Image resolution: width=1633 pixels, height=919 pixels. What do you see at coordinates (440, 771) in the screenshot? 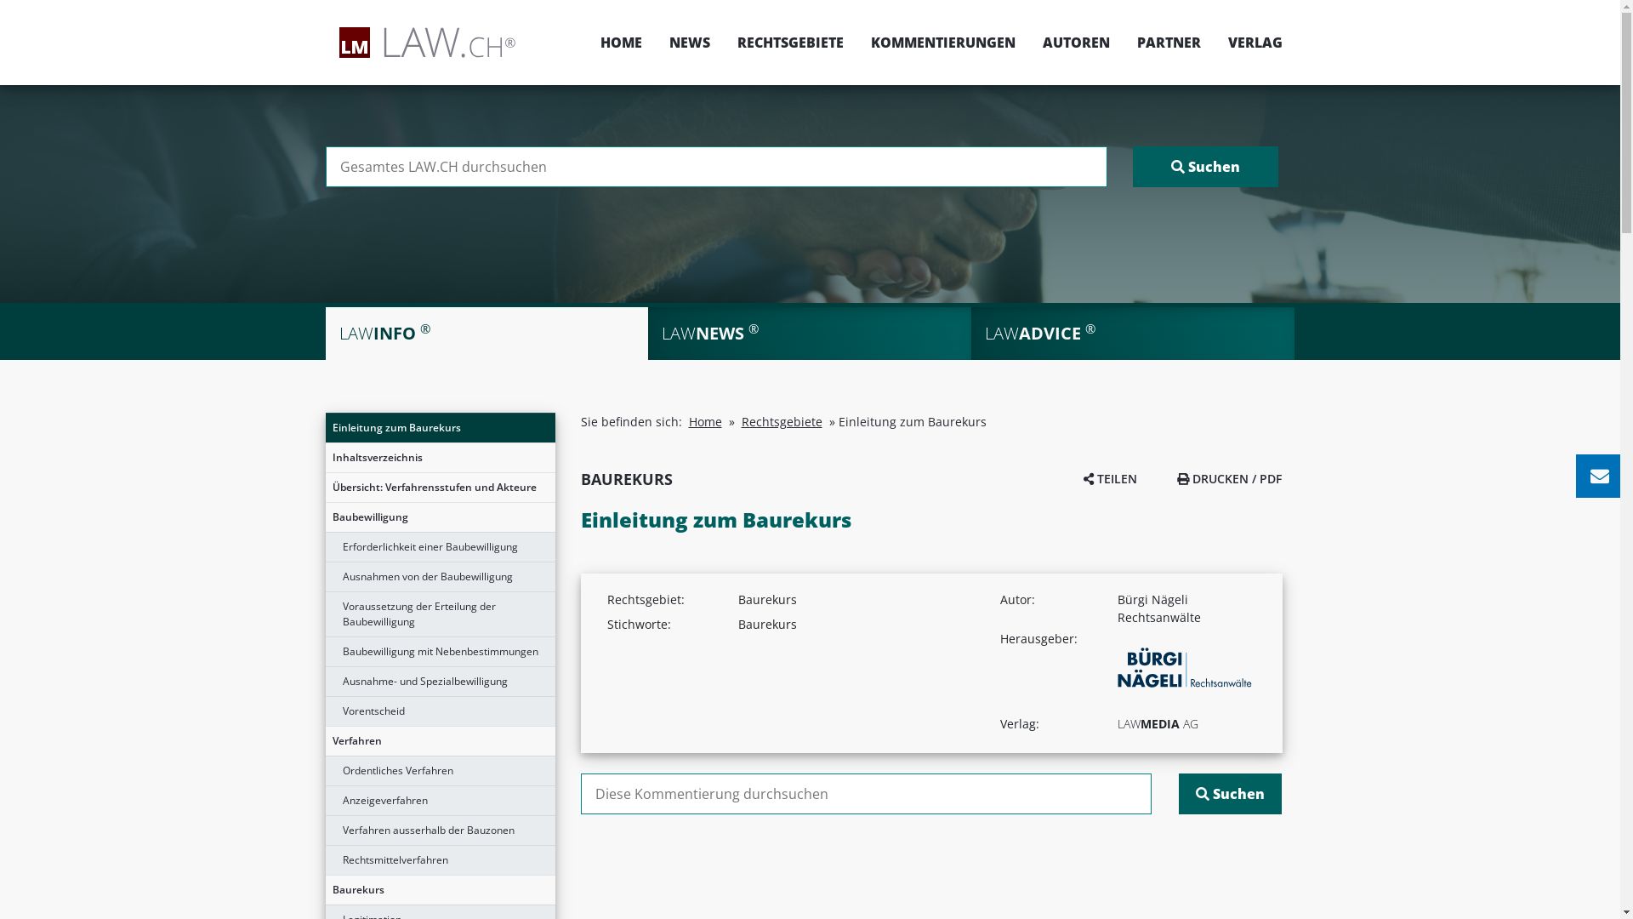
I see `'Ordentliches Verfahren'` at bounding box center [440, 771].